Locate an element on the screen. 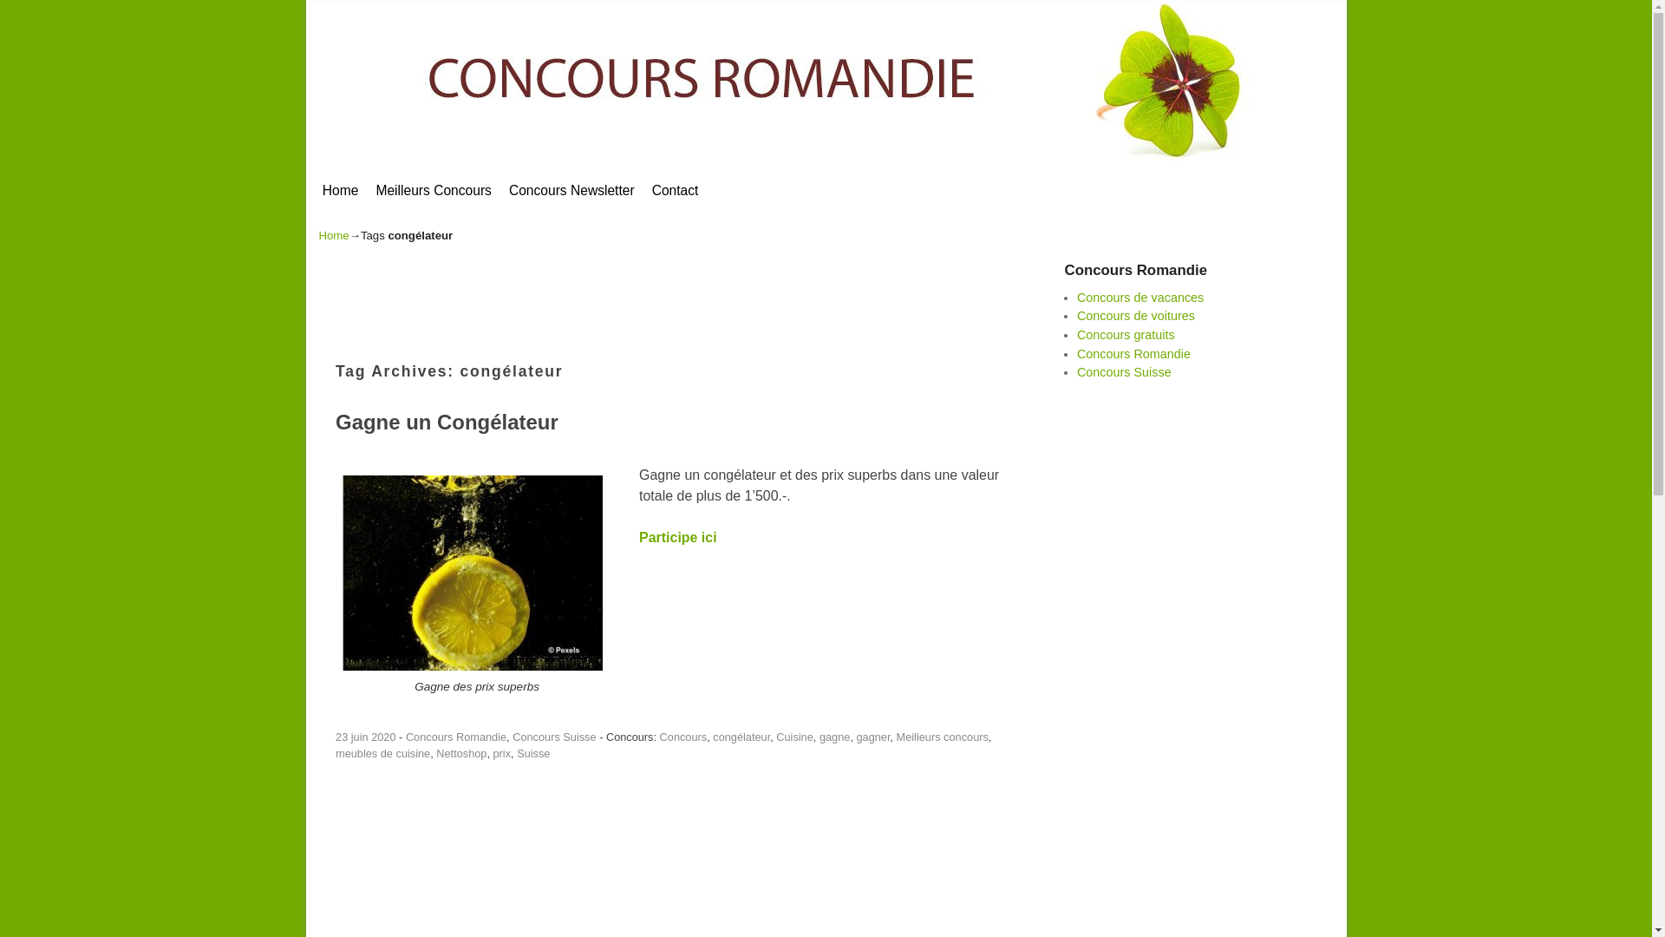 The width and height of the screenshot is (1665, 937). 'Meilleurs concours' is located at coordinates (941, 737).